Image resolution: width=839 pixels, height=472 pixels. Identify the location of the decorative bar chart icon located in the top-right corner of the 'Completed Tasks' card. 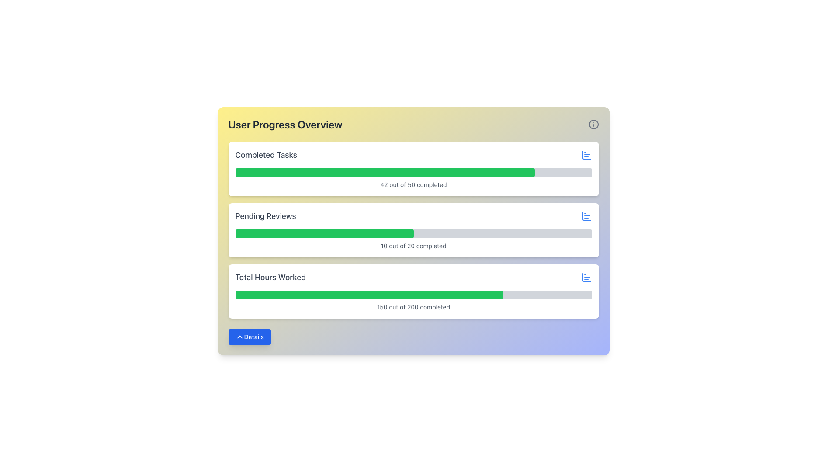
(586, 216).